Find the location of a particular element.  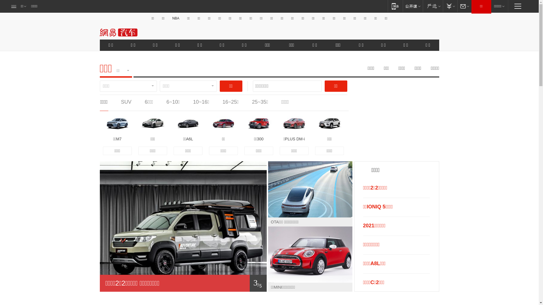

'1/ 5' is located at coordinates (183, 283).